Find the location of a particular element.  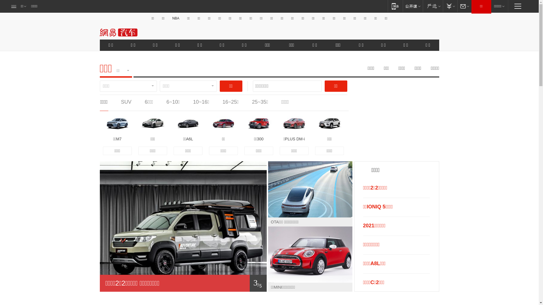

'1/ 5' is located at coordinates (183, 283).